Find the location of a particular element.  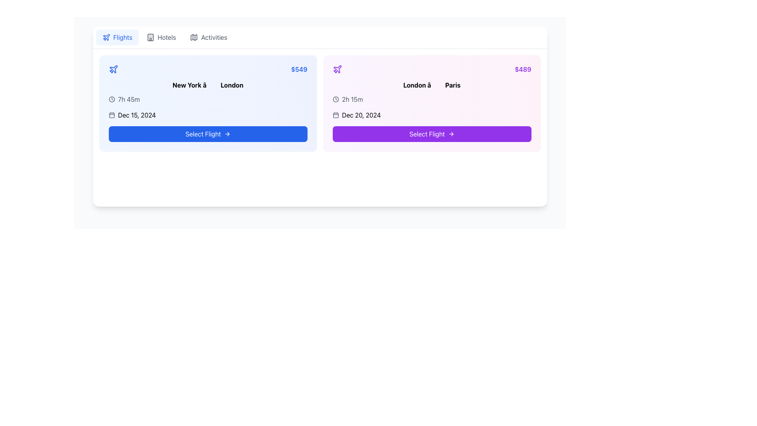

the flight icon located in the second flight offer card, which is positioned at the top-left corner adjacent to the flight route information ('London → Paris') and to the left of the pricing detail ('$489') is located at coordinates (337, 69).